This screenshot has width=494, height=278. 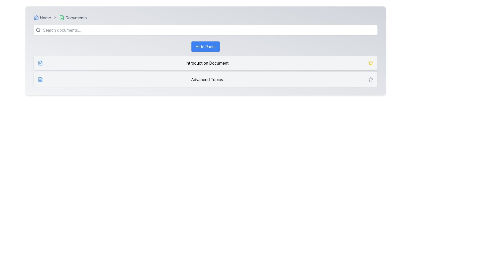 I want to click on the 'Home' icon in the breadcrumb navigation bar, so click(x=36, y=18).